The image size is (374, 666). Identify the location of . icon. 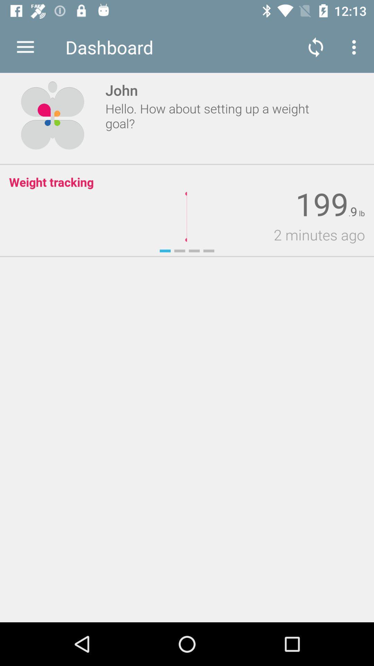
(349, 213).